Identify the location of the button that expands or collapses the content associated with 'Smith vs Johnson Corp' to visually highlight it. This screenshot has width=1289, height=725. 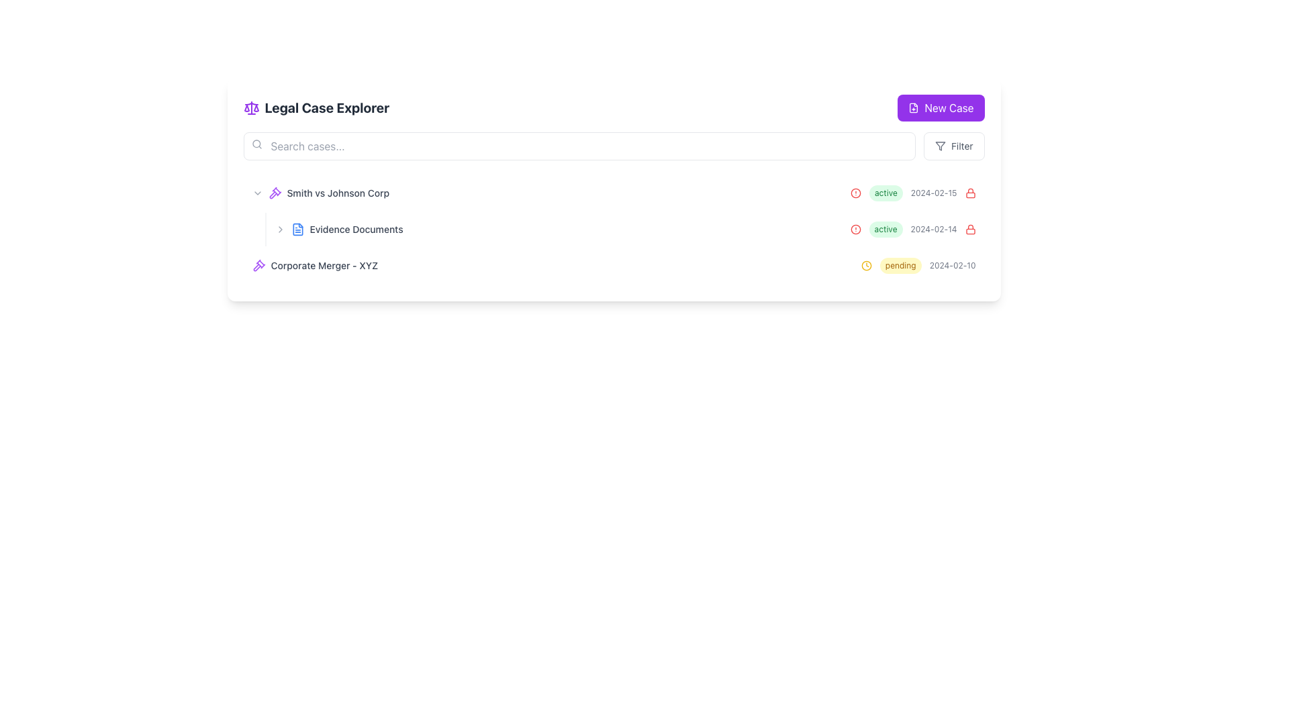
(257, 193).